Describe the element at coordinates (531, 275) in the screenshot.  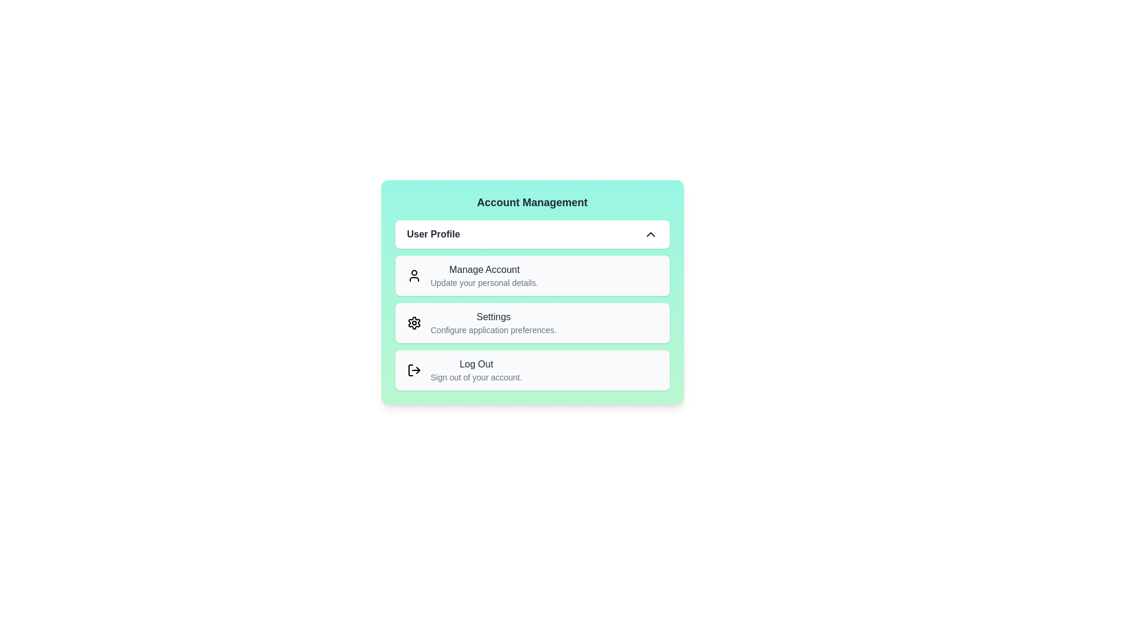
I see `the menu option Manage Account by clicking on it` at that location.